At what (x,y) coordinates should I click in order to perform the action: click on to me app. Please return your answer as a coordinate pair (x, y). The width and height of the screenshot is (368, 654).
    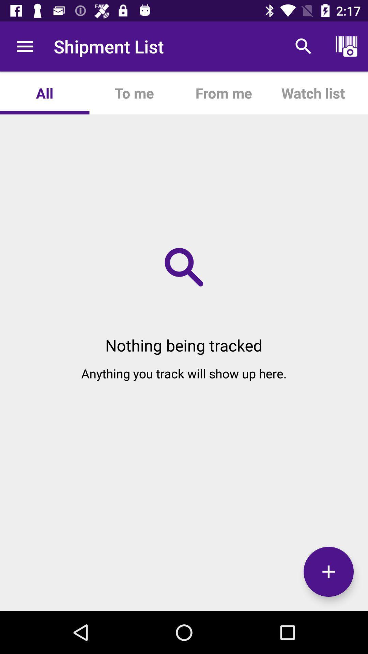
    Looking at the image, I should click on (134, 93).